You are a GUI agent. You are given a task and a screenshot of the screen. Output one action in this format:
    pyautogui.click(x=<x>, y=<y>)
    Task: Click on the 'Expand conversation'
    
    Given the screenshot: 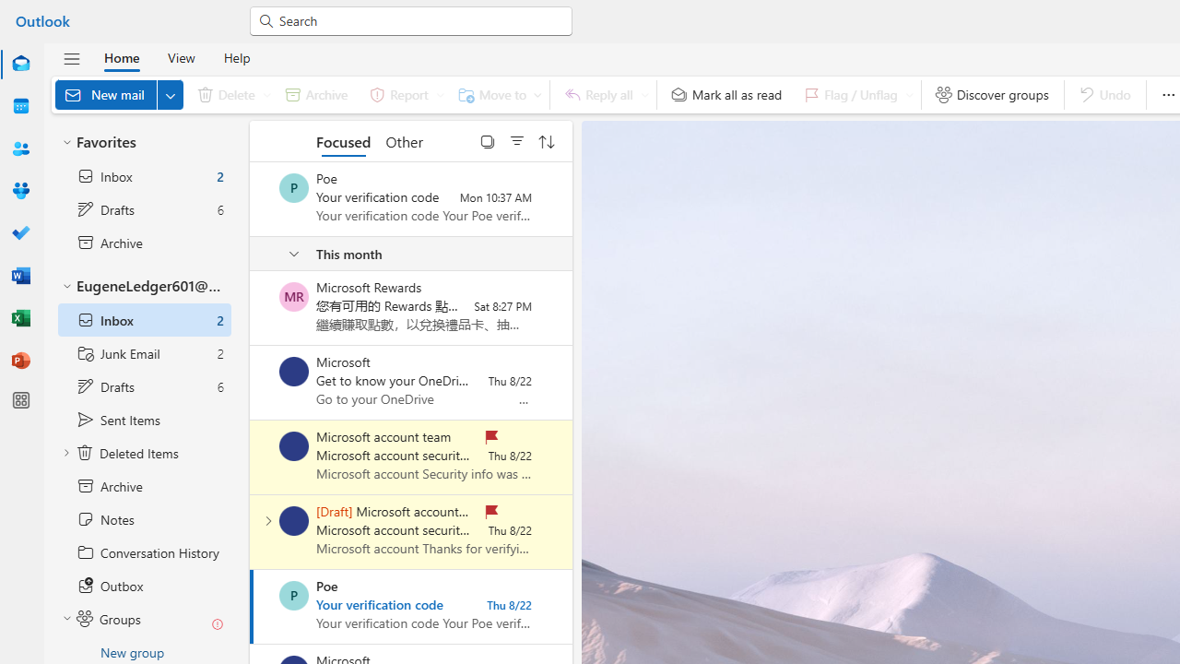 What is the action you would take?
    pyautogui.click(x=267, y=520)
    